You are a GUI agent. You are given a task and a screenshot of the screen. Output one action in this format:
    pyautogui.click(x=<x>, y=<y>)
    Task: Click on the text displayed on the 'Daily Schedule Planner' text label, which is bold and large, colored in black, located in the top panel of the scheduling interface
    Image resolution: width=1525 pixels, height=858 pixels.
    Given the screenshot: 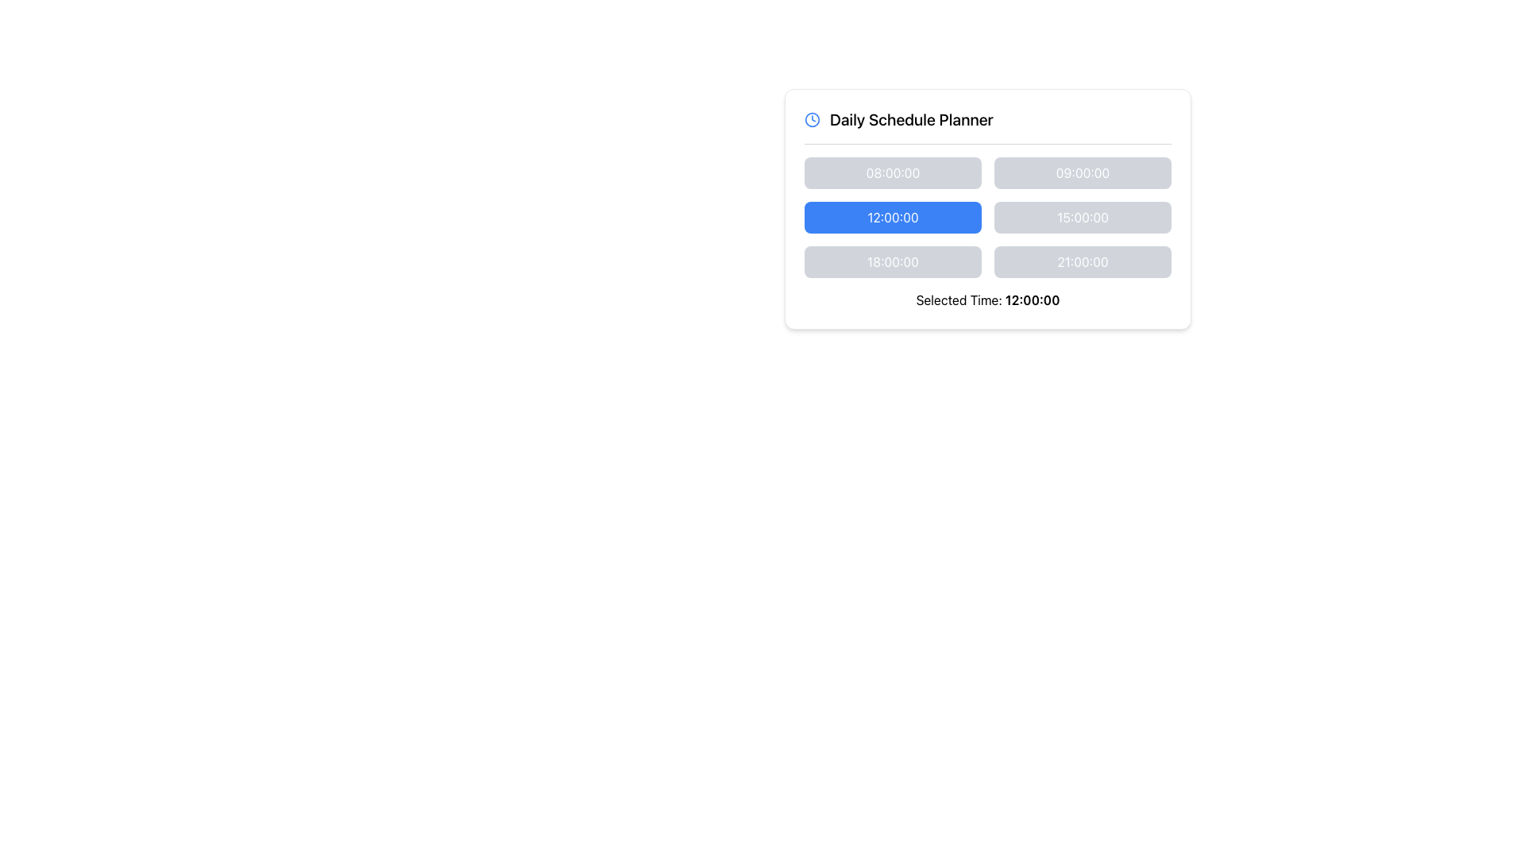 What is the action you would take?
    pyautogui.click(x=911, y=118)
    